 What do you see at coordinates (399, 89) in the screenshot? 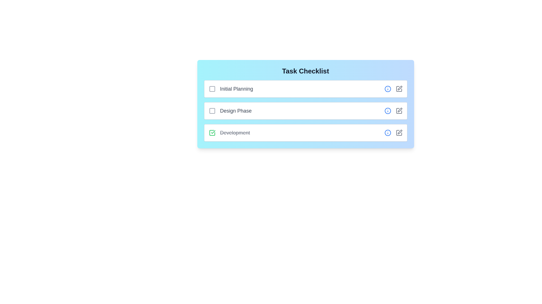
I see `the edit icon for the task named Initial Planning` at bounding box center [399, 89].